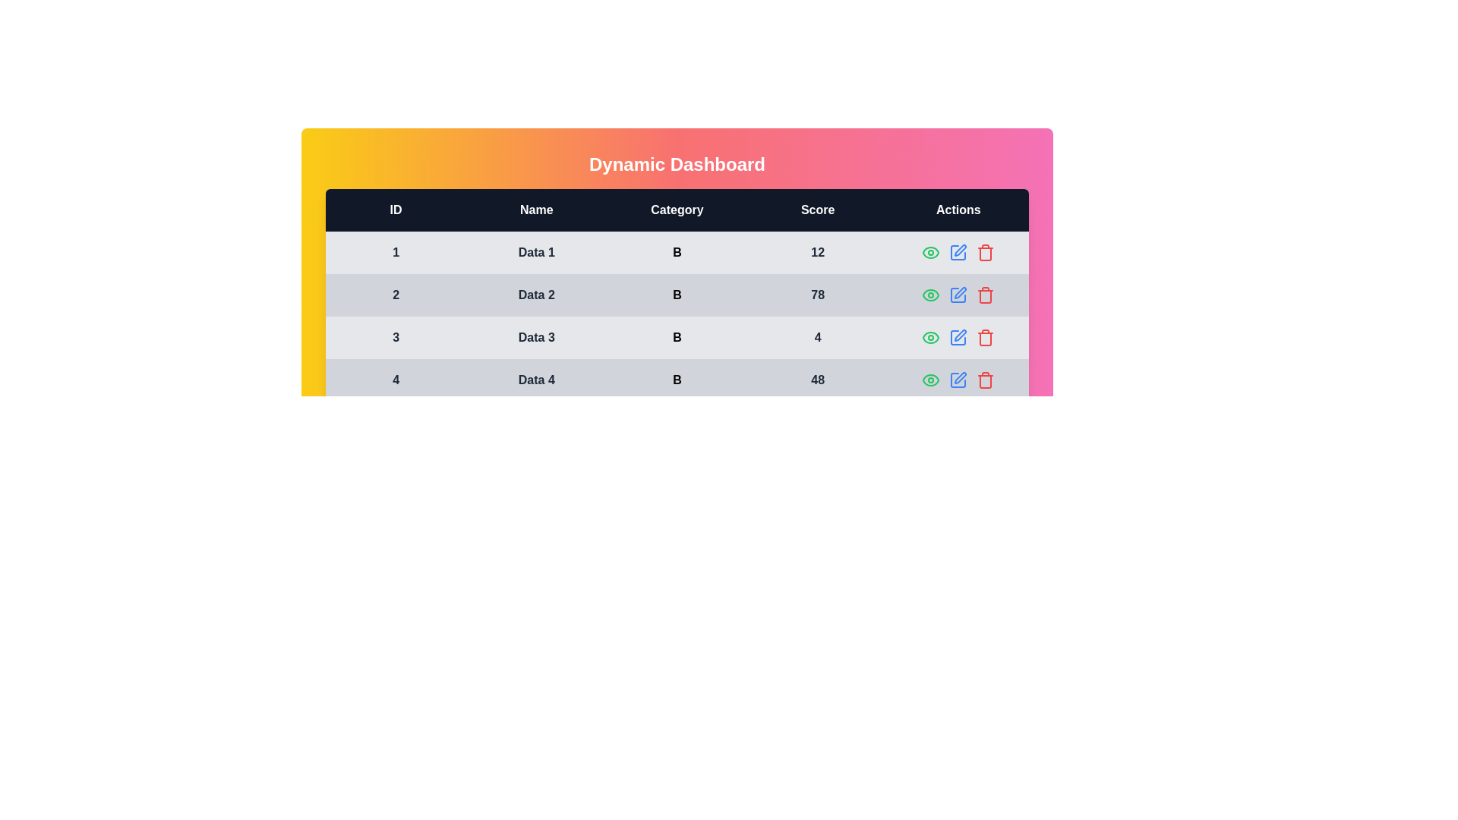  What do you see at coordinates (677, 336) in the screenshot?
I see `the row corresponding to 3` at bounding box center [677, 336].